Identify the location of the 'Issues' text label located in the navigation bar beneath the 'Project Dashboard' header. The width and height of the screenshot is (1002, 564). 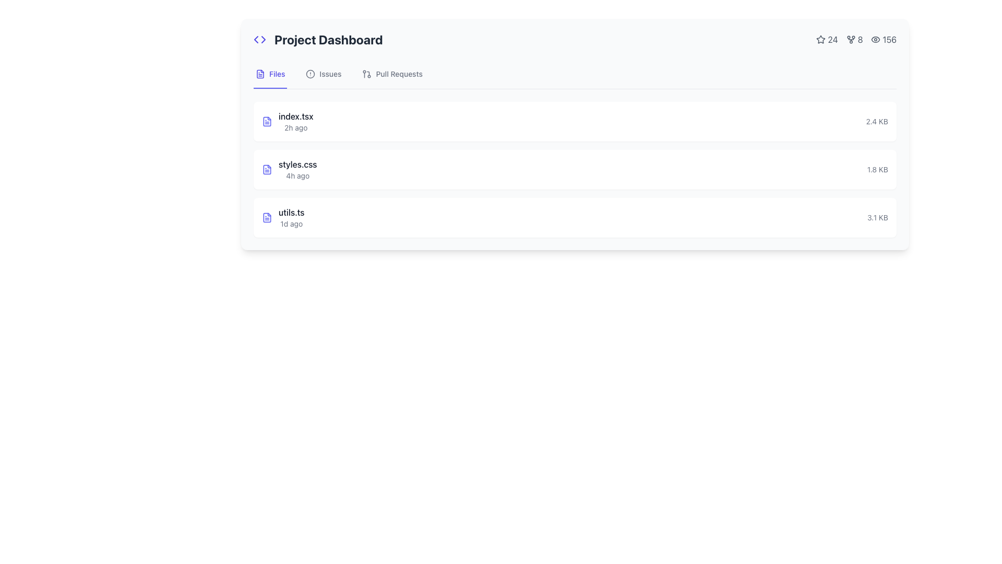
(330, 74).